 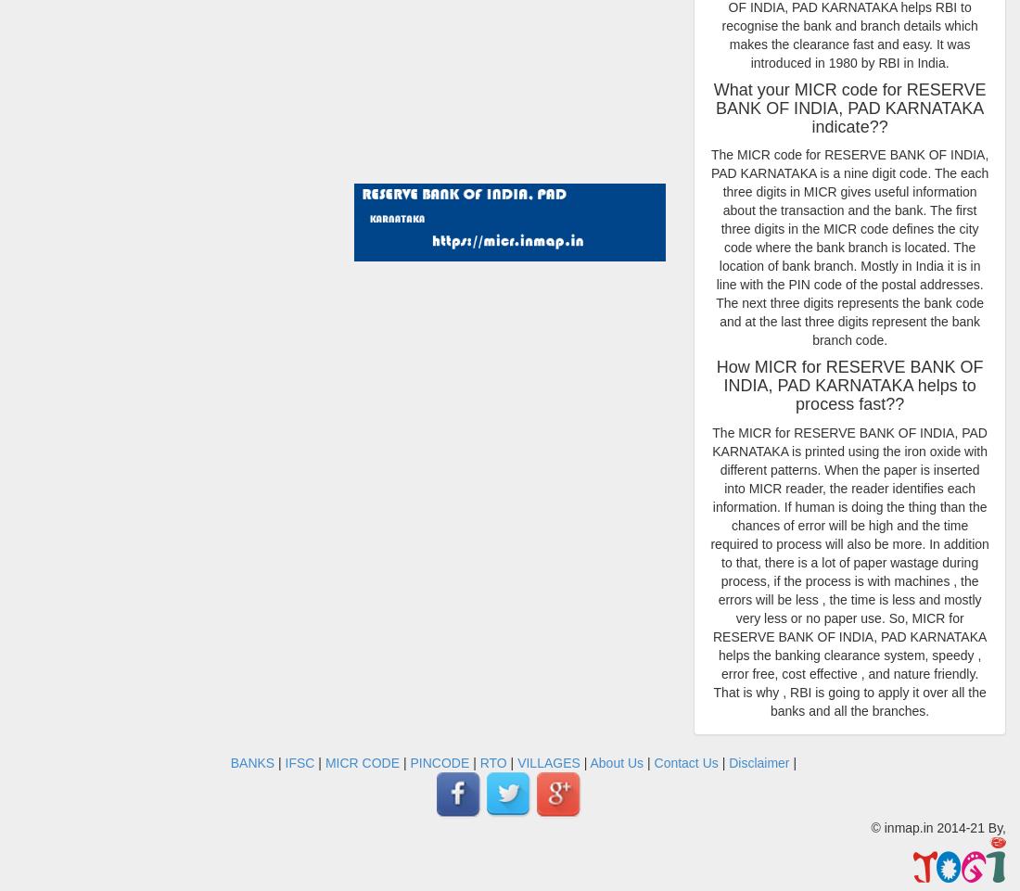 I want to click on 'VILLAGES', so click(x=547, y=762).